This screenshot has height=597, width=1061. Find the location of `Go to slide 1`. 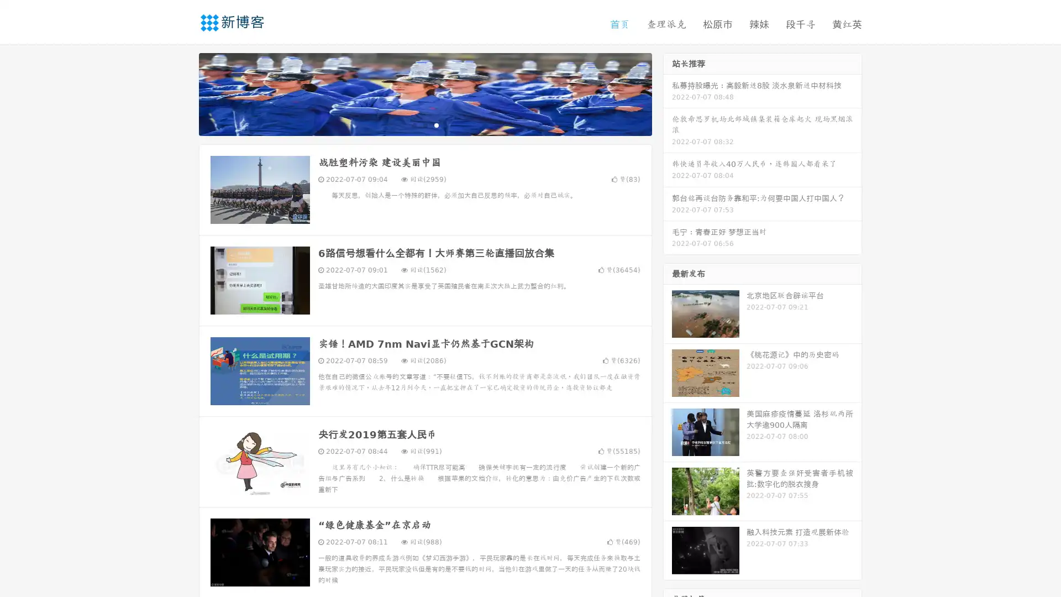

Go to slide 1 is located at coordinates (413, 124).